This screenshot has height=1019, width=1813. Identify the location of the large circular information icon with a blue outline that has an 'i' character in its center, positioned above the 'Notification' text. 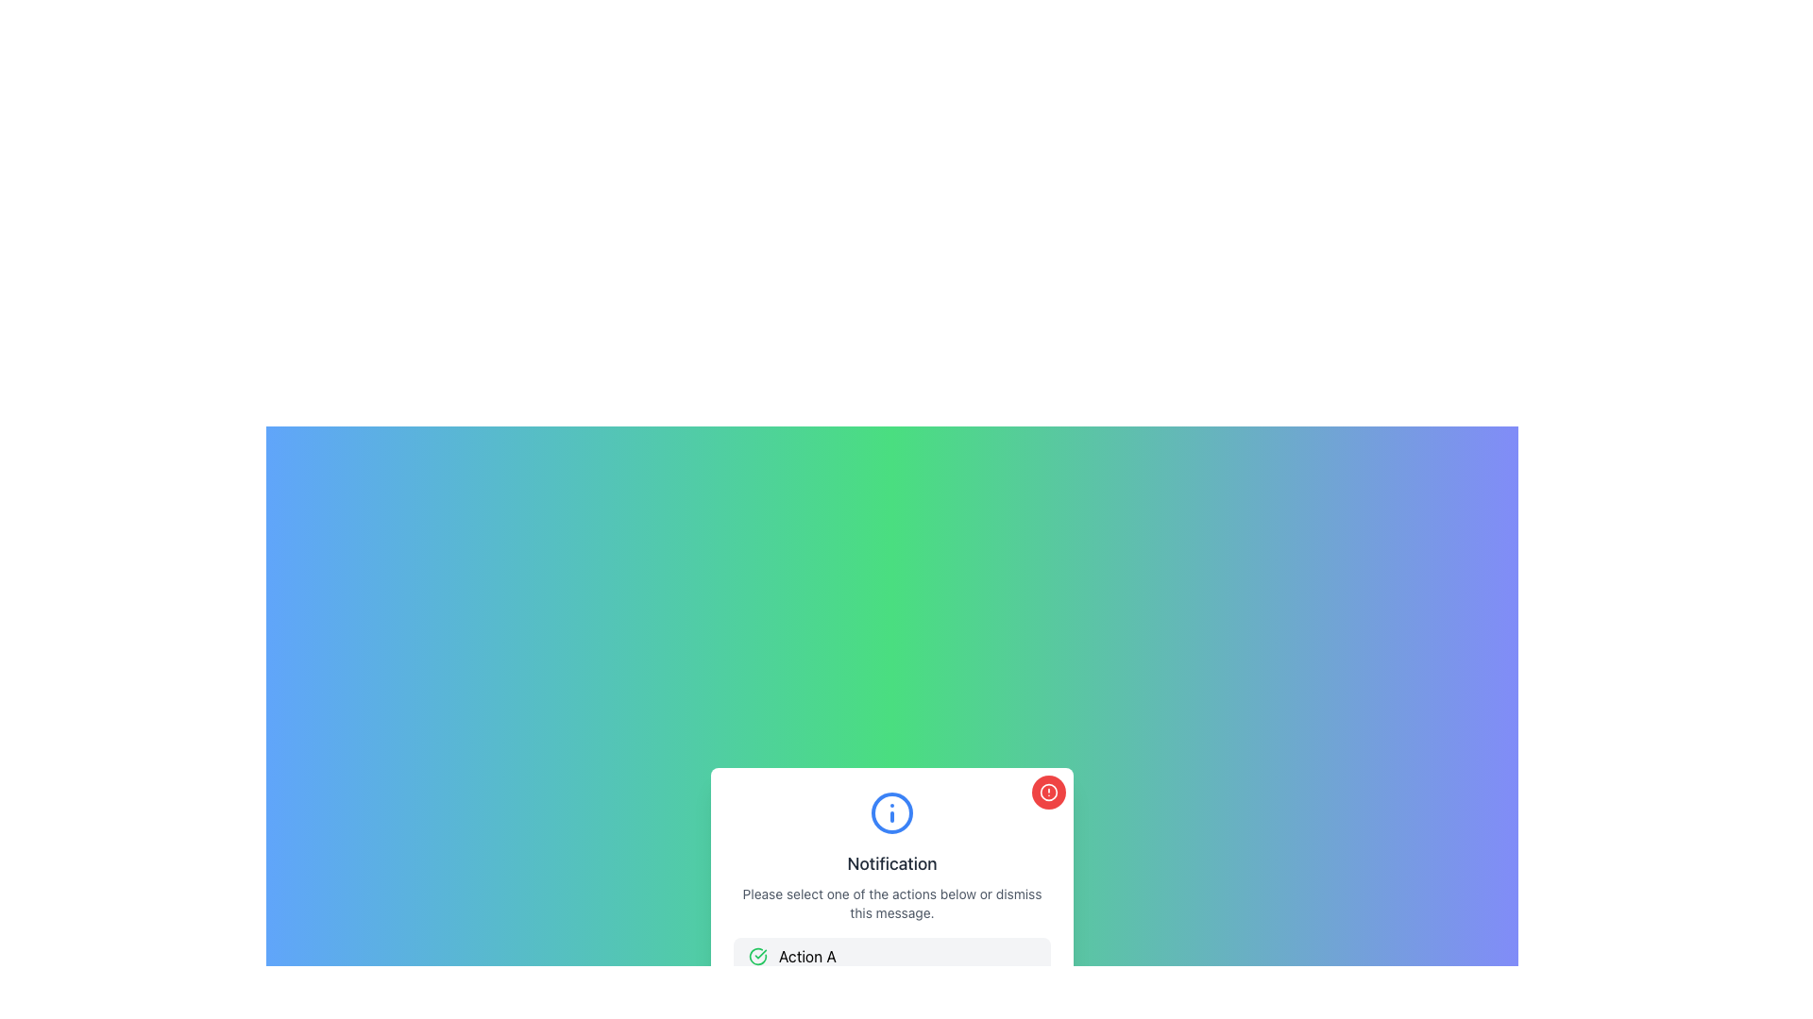
(891, 811).